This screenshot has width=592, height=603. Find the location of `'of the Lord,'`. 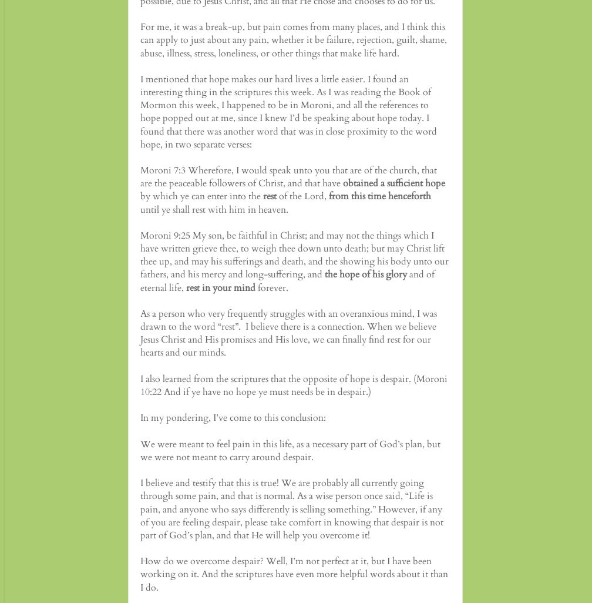

'of the Lord,' is located at coordinates (302, 196).